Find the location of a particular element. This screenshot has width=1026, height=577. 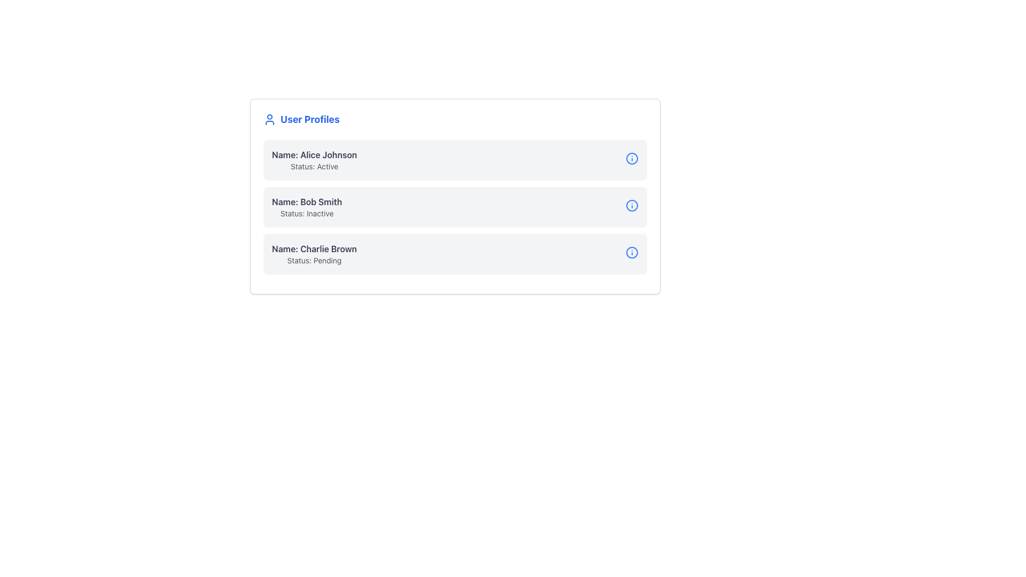

the solid circle icon at the center of the second user profile entry's information icon is located at coordinates (632, 206).